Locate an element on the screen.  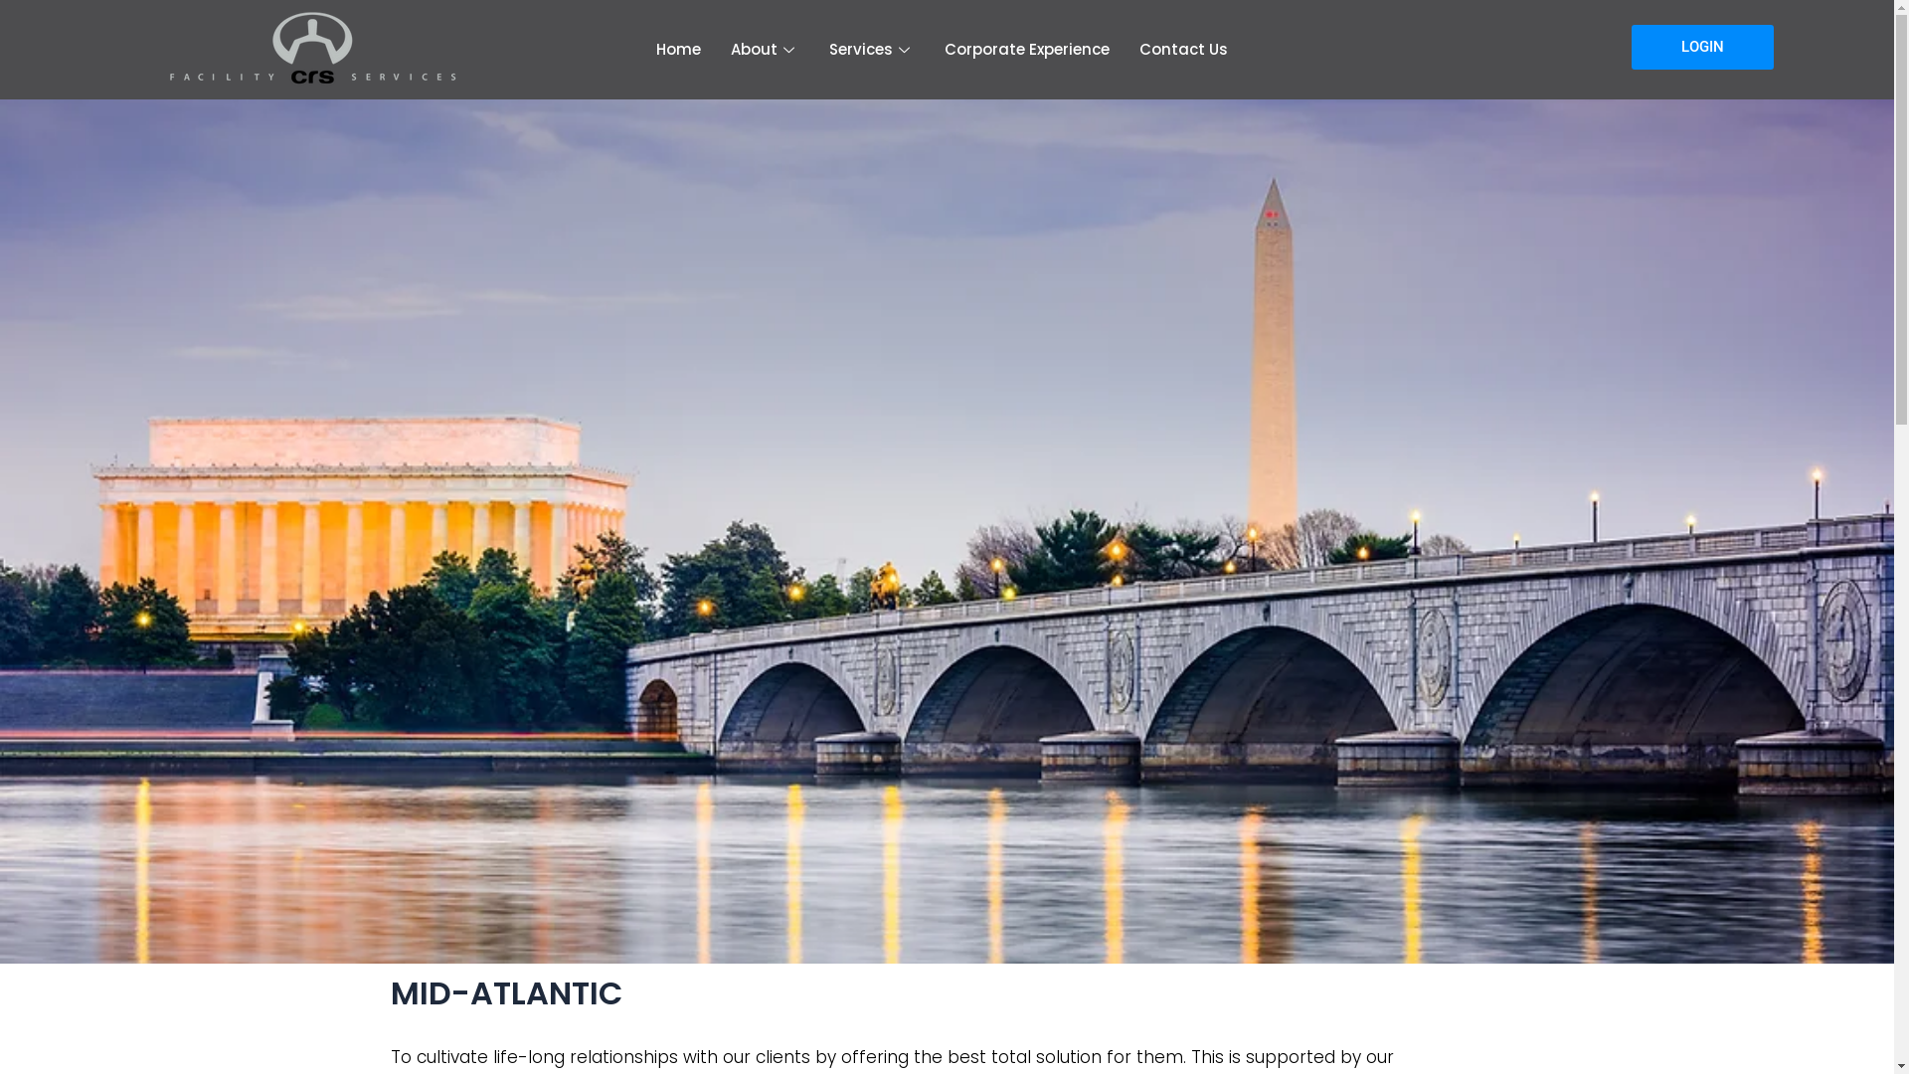
'Corporate Experience' is located at coordinates (1026, 49).